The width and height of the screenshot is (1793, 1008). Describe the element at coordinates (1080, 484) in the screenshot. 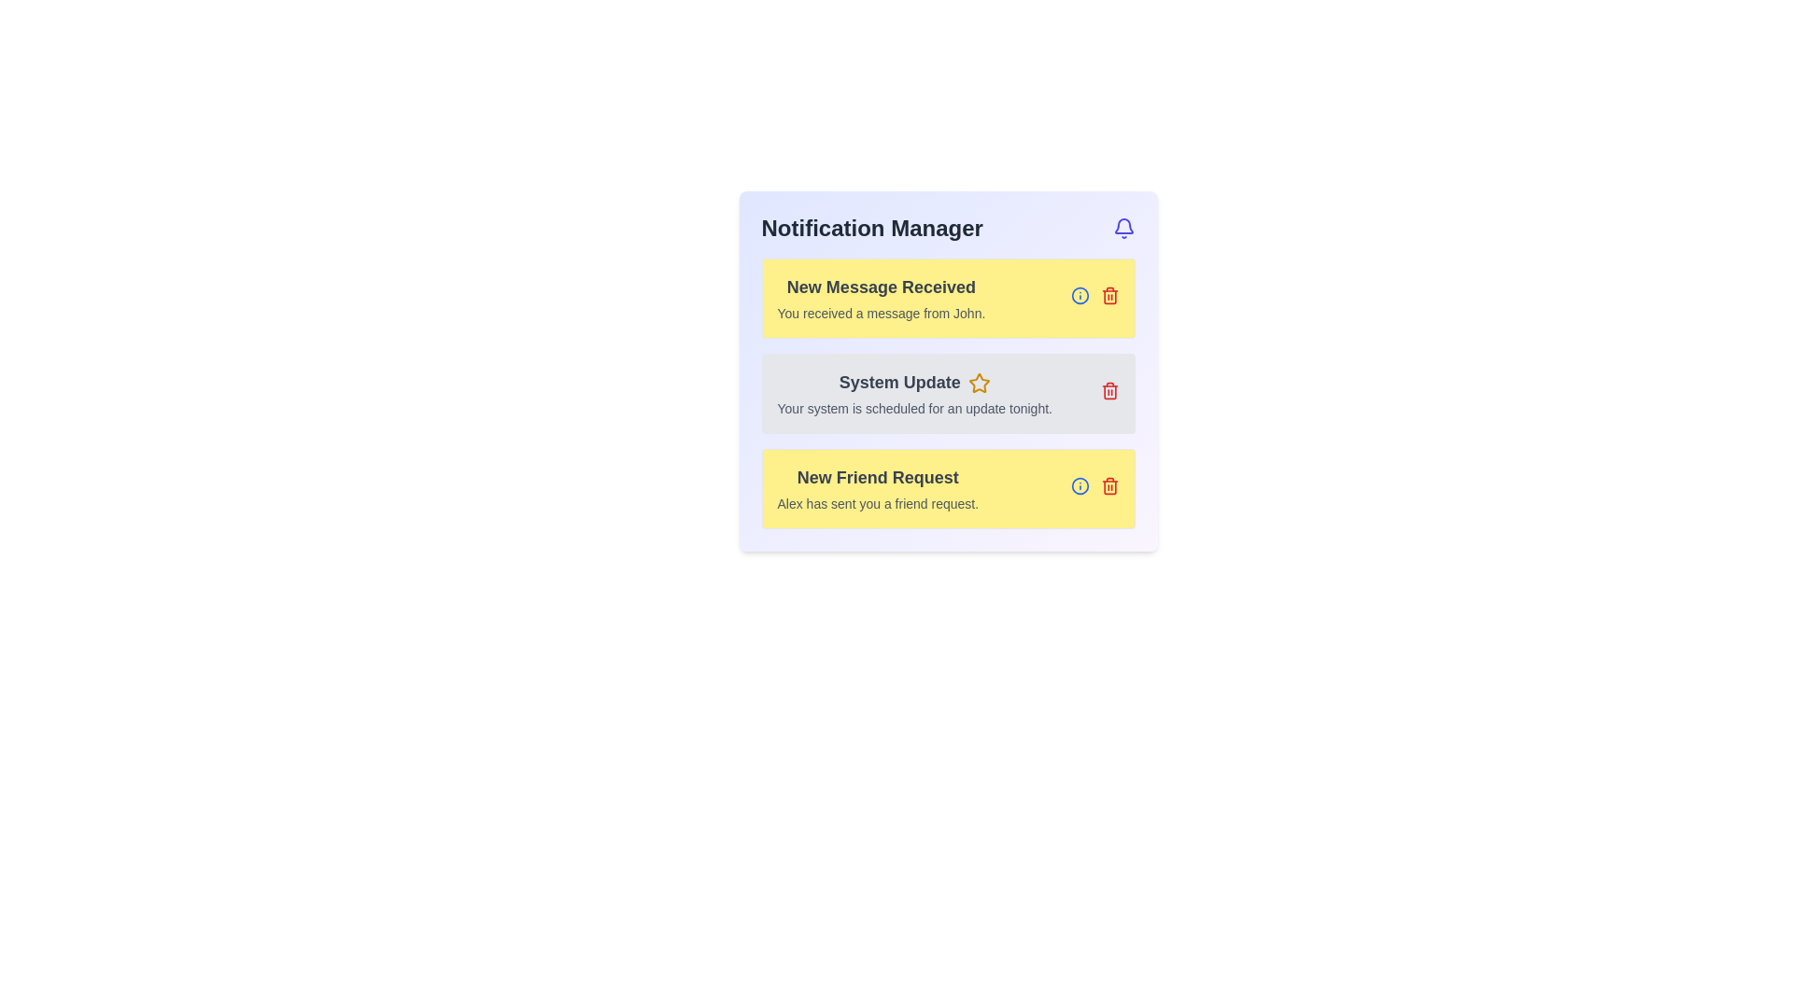

I see `the decorative circular SVG element with a blue outline located next to the text 'New Message Received' in the 'Notification Manager' interface` at that location.